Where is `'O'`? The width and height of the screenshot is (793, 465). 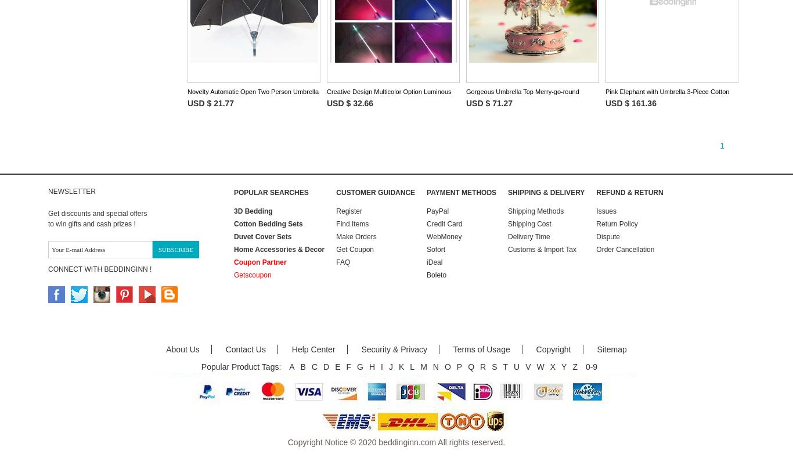 'O' is located at coordinates (444, 366).